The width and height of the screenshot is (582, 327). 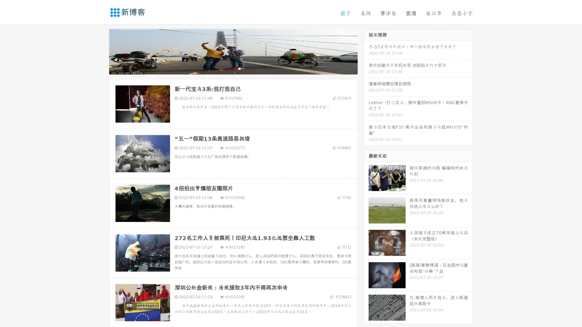 What do you see at coordinates (366, 51) in the screenshot?
I see `Next slide` at bounding box center [366, 51].